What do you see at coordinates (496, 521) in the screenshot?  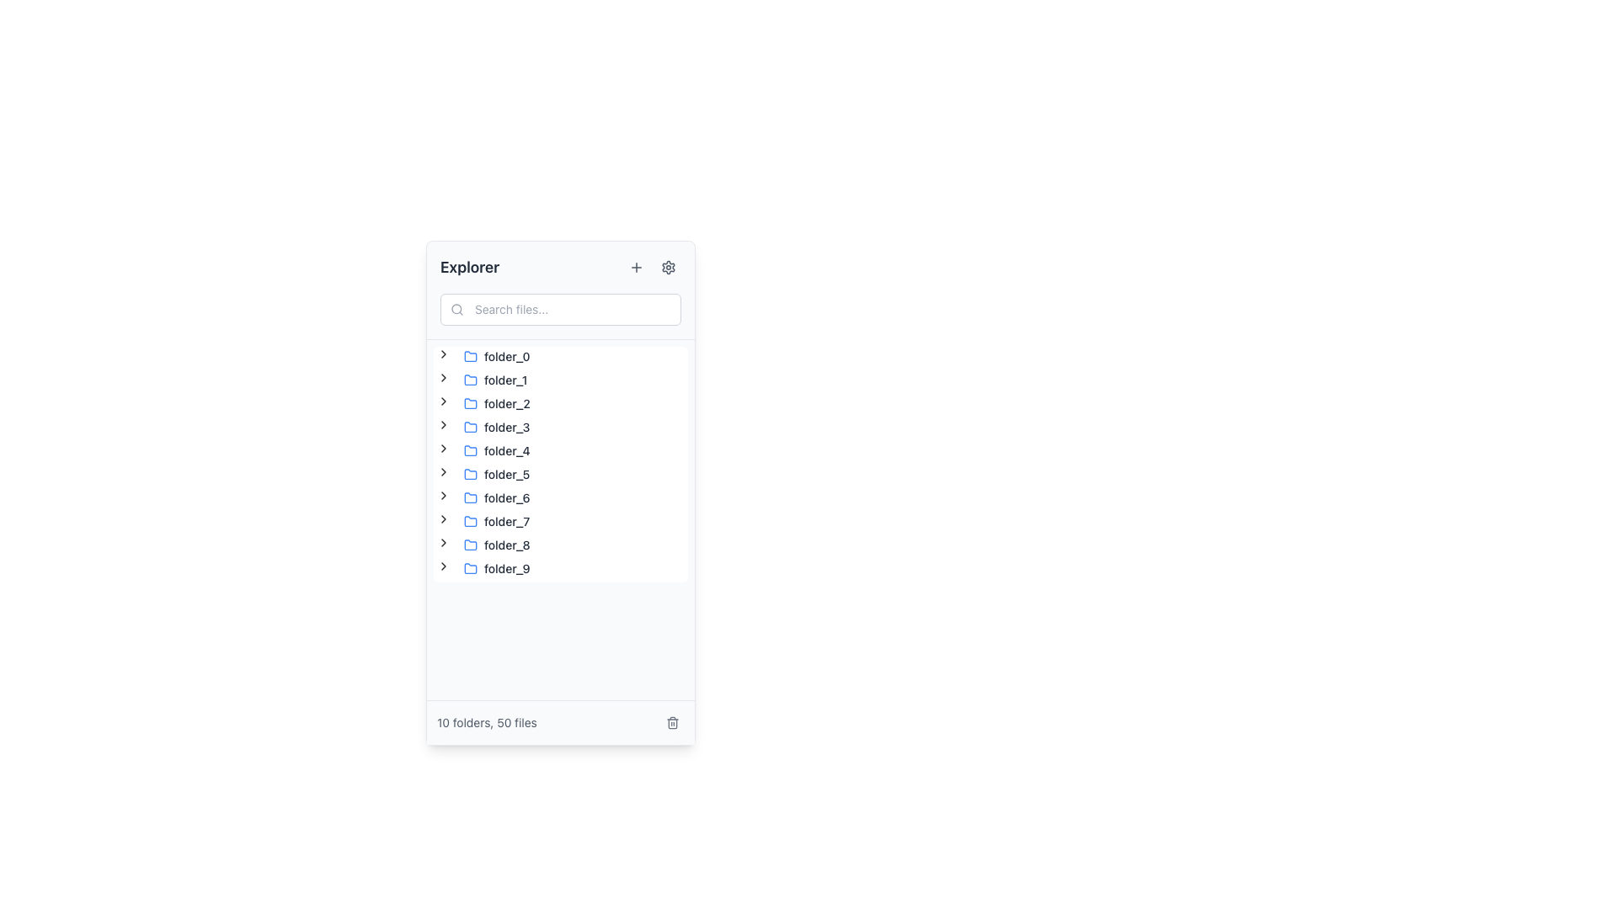 I see `the Tree Node Item labeled 'folder_7' in the navigation panel` at bounding box center [496, 521].